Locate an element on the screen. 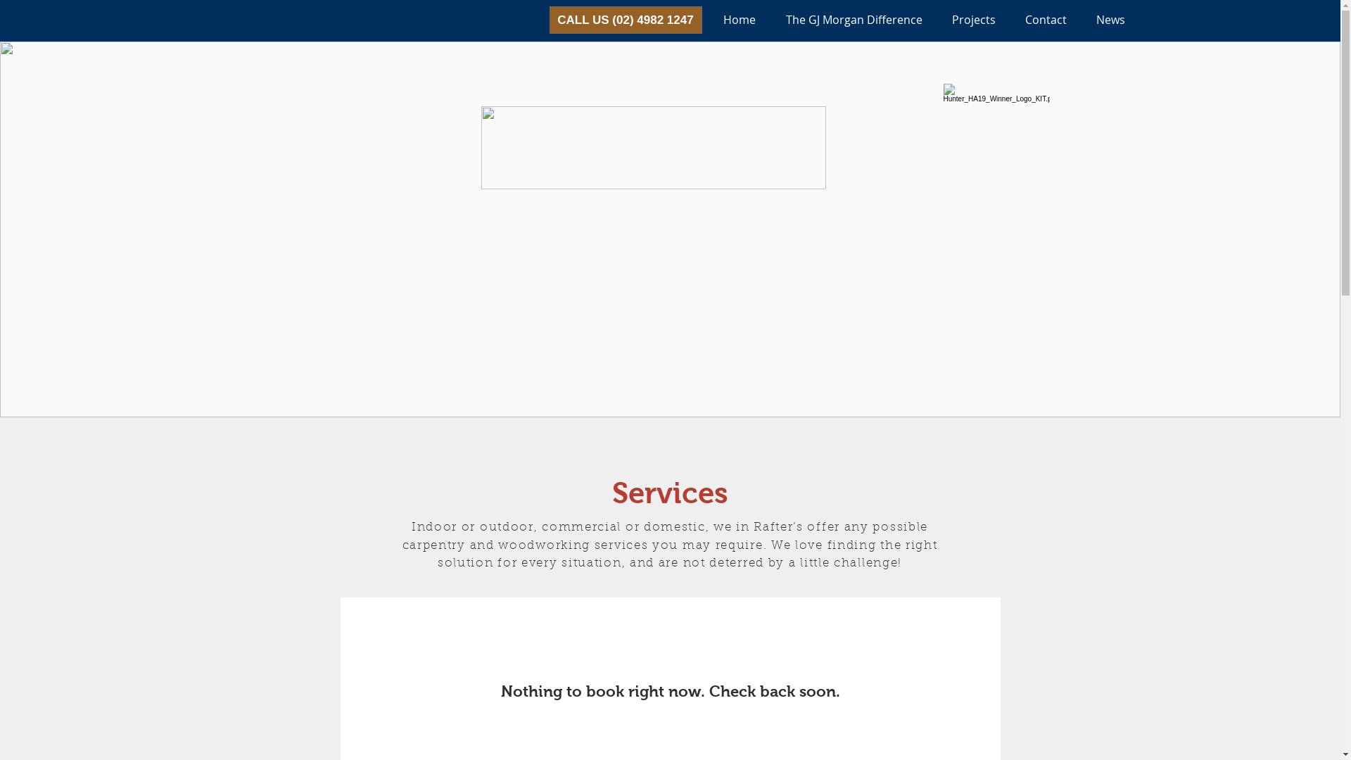 This screenshot has height=760, width=1351. 'The GJ Morgan Difference' is located at coordinates (770, 20).